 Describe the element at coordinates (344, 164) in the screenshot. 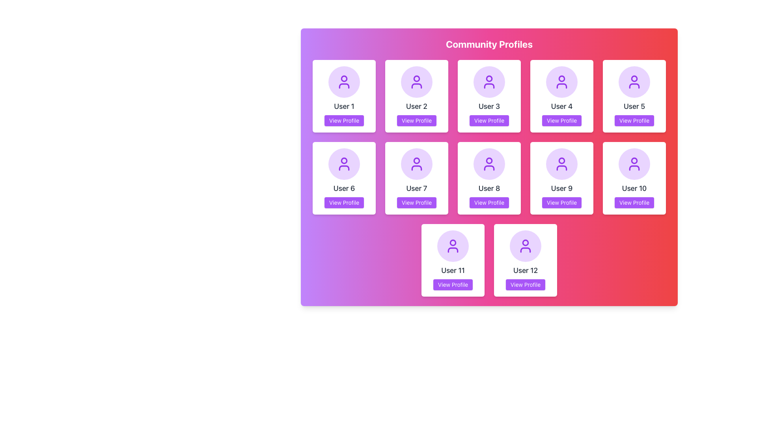

I see `the user profile icon located` at that location.